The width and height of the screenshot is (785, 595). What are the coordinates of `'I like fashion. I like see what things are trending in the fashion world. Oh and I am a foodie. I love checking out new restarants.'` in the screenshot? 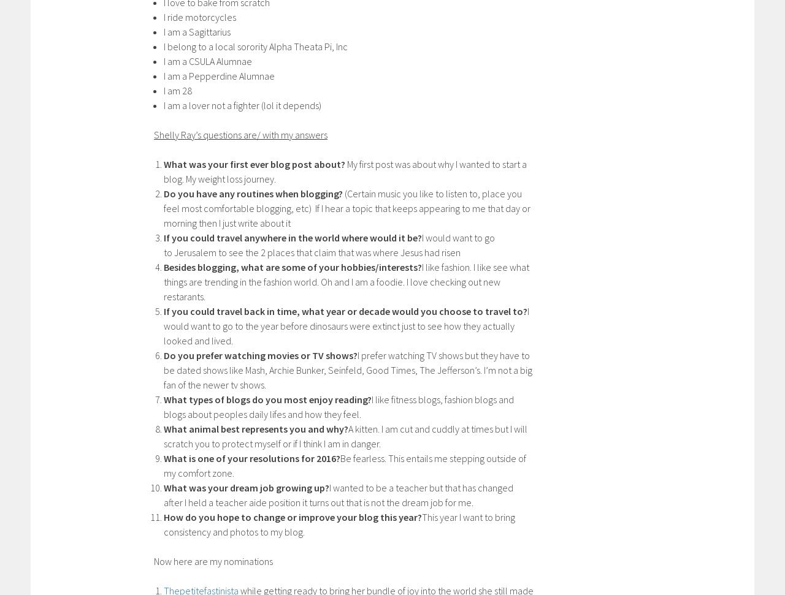 It's located at (345, 281).